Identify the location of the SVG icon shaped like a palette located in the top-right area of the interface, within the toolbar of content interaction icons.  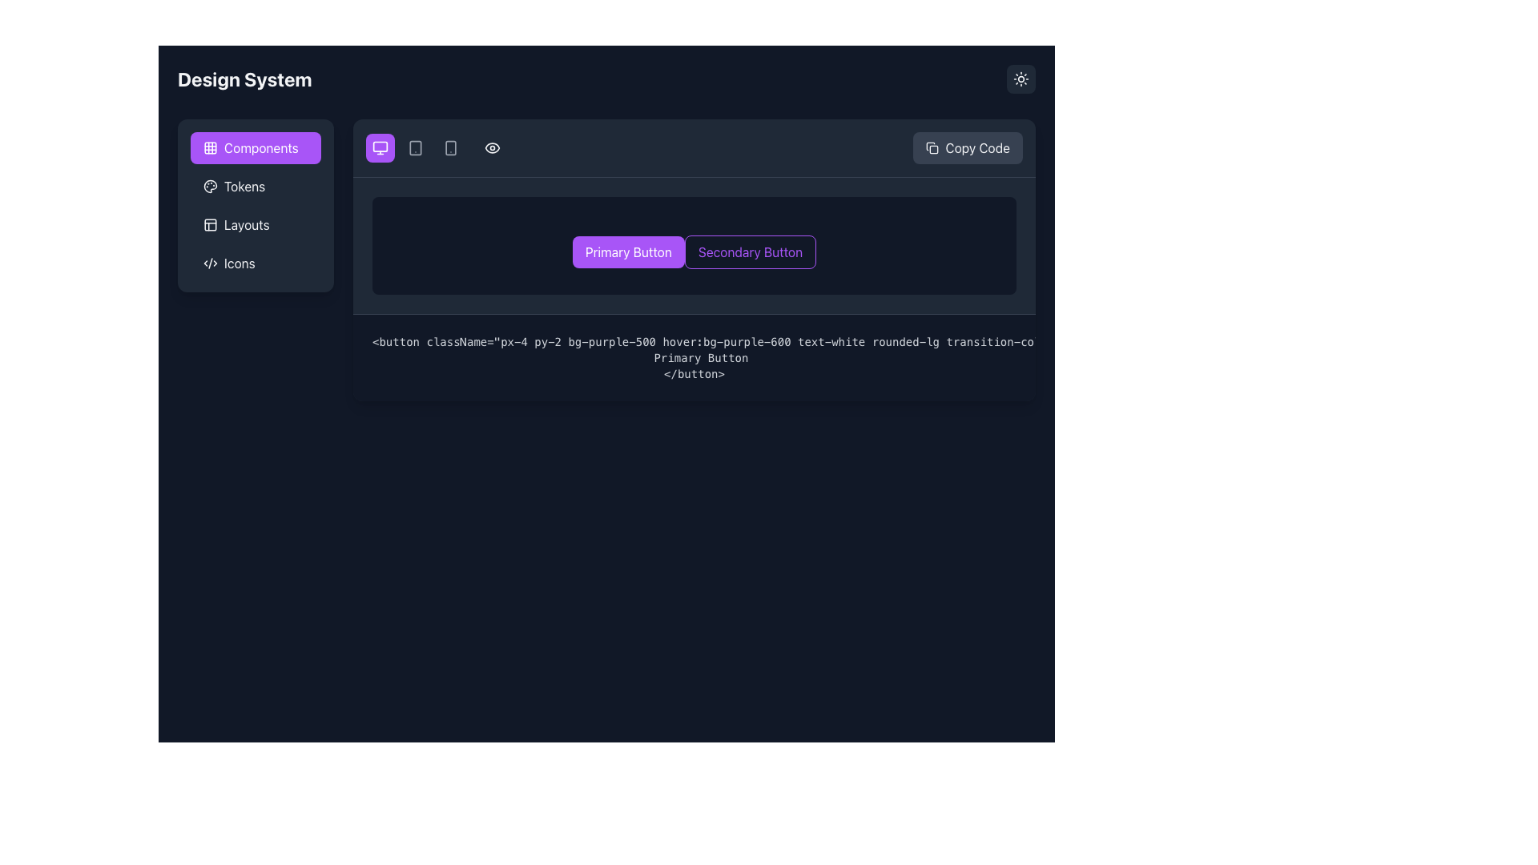
(210, 185).